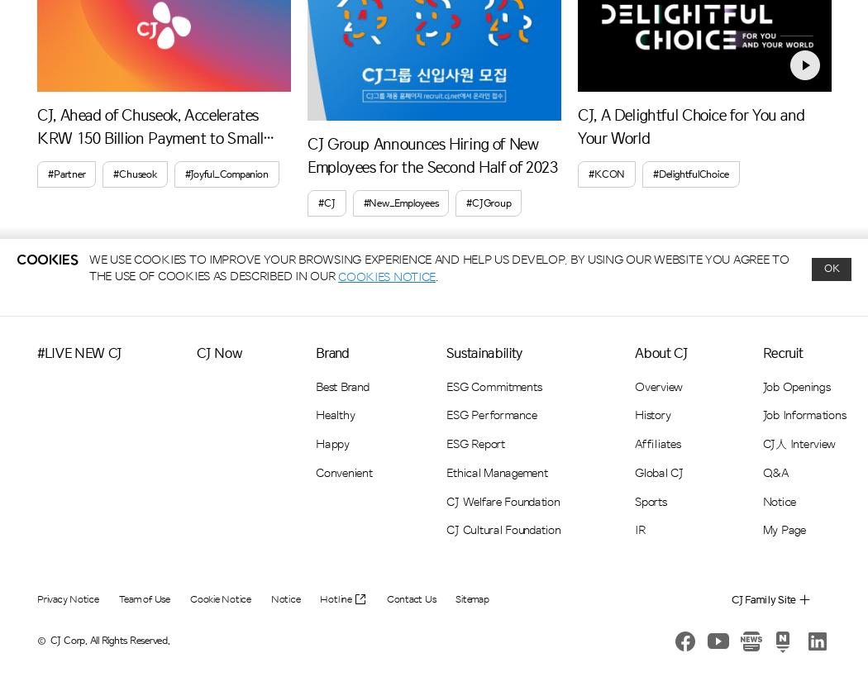 The height and width of the screenshot is (677, 868). Describe the element at coordinates (335, 414) in the screenshot. I see `'Healthy'` at that location.